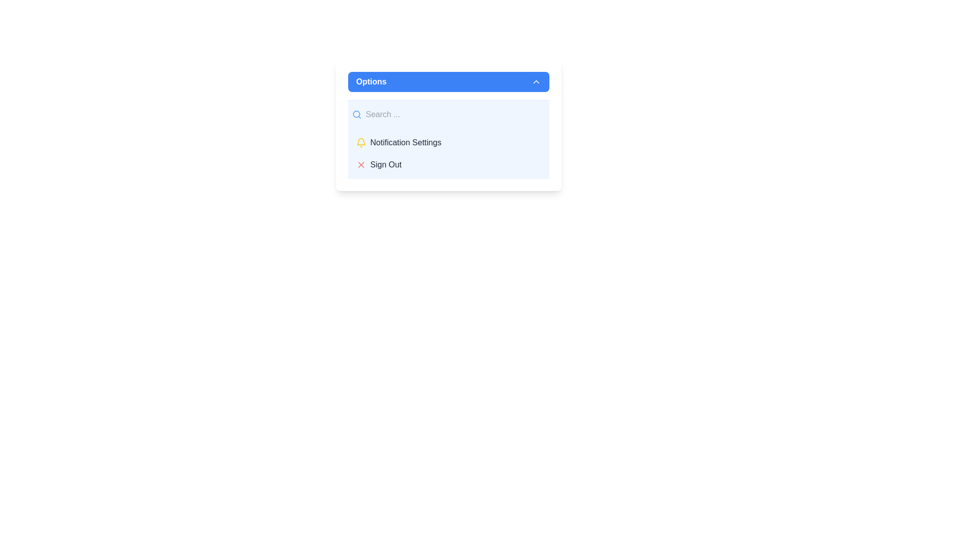  What do you see at coordinates (361, 141) in the screenshot?
I see `the bell icon that visually completes the notification representation, located near the top of the options menu, to the left of 'Notification Settings'` at bounding box center [361, 141].